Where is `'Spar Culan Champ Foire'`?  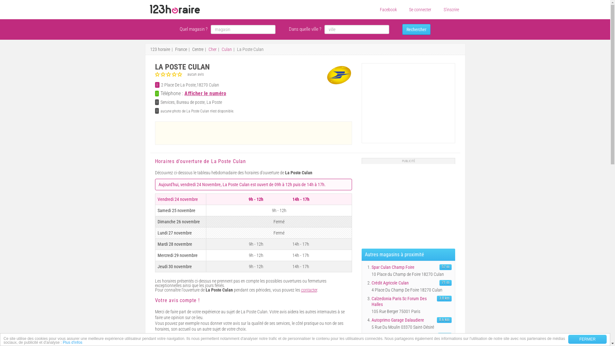 'Spar Culan Champ Foire' is located at coordinates (372, 267).